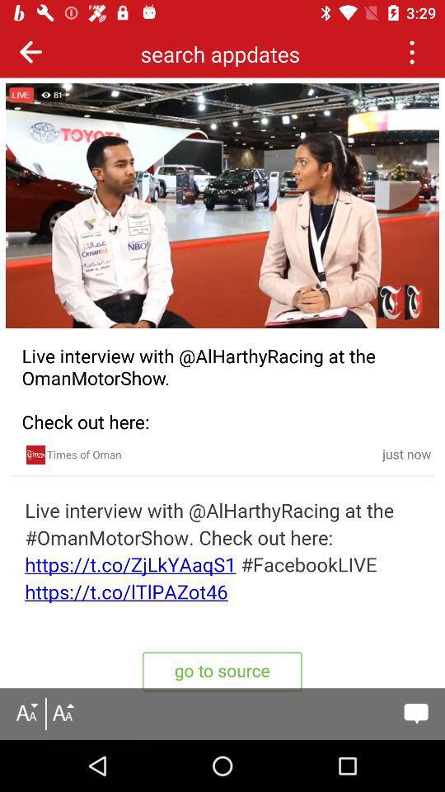 The image size is (445, 792). I want to click on go back, so click(30, 51).